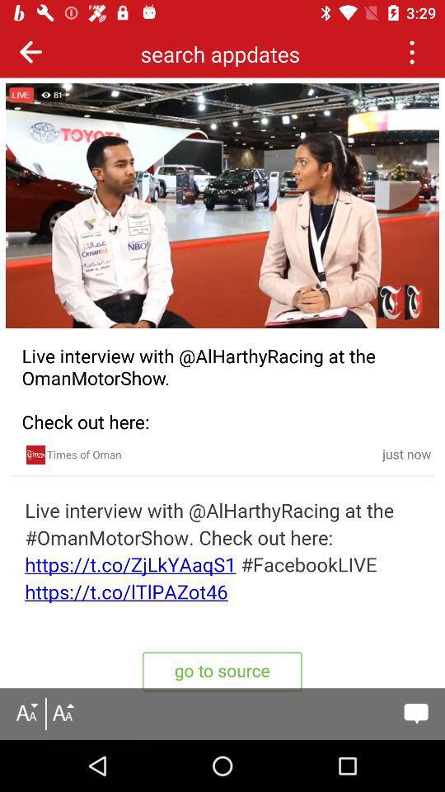 The image size is (445, 792). I want to click on go back, so click(30, 51).